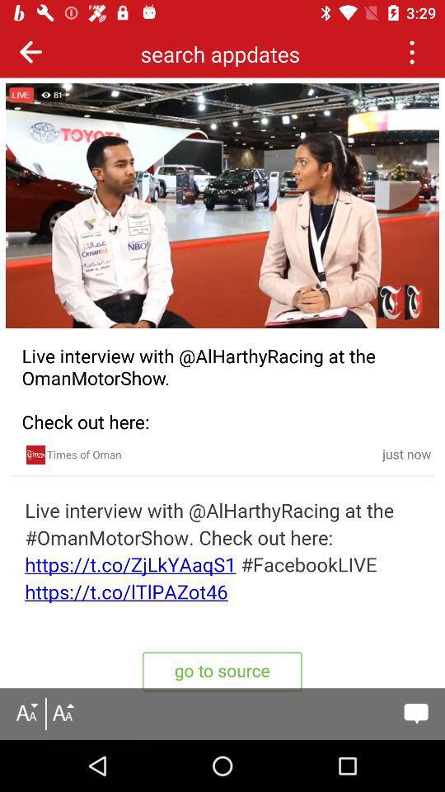 The image size is (445, 792). I want to click on go back, so click(30, 51).